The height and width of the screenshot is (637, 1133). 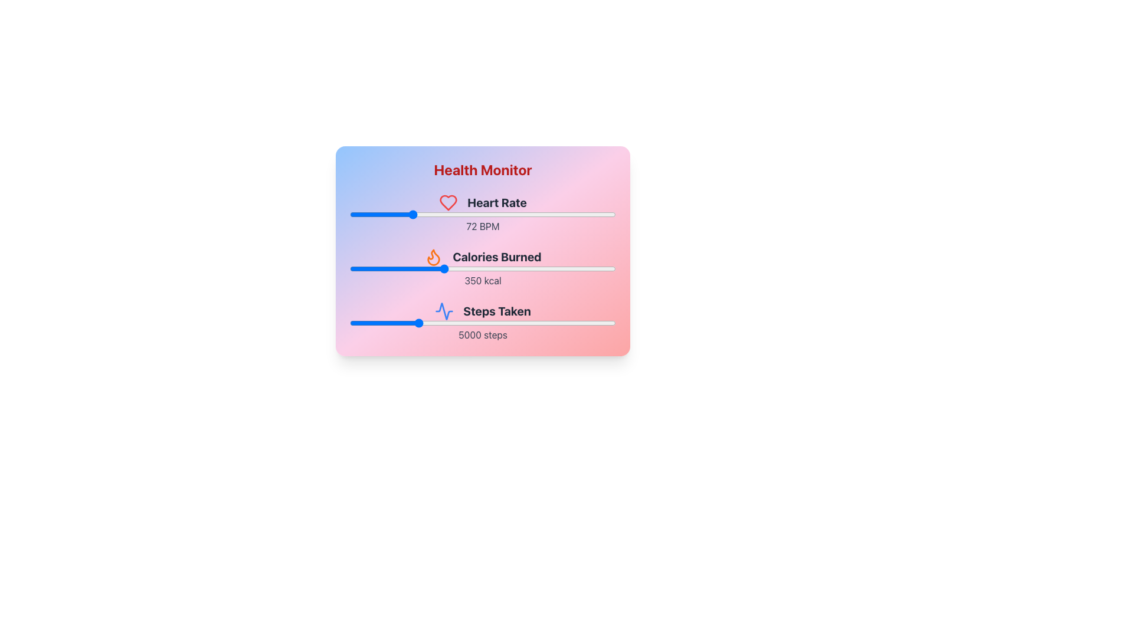 I want to click on heart rate, so click(x=408, y=214).